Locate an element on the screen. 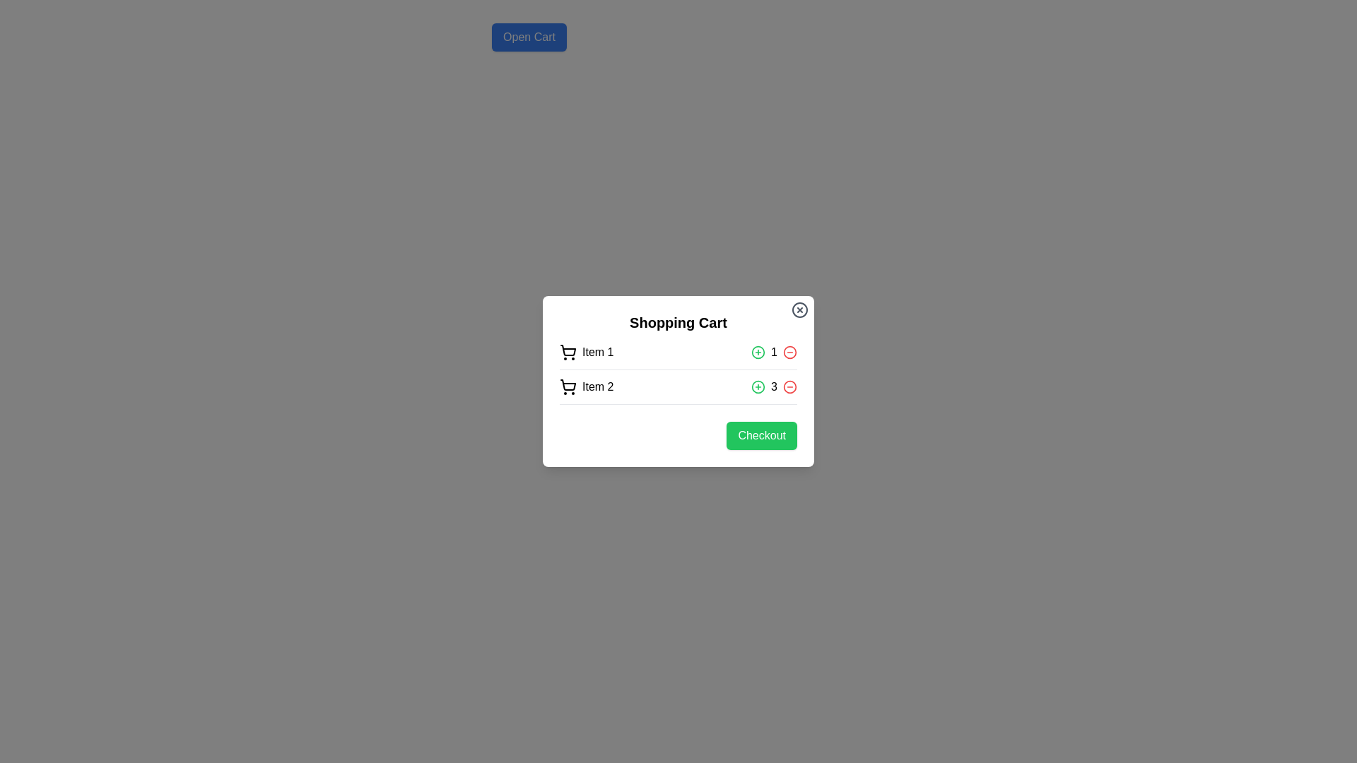 Image resolution: width=1357 pixels, height=763 pixels. the Text label displaying the product name 'Item 1' in the shopping cart, which is aligned to the left side and is the first entry in the list of cart items is located at coordinates (587, 351).